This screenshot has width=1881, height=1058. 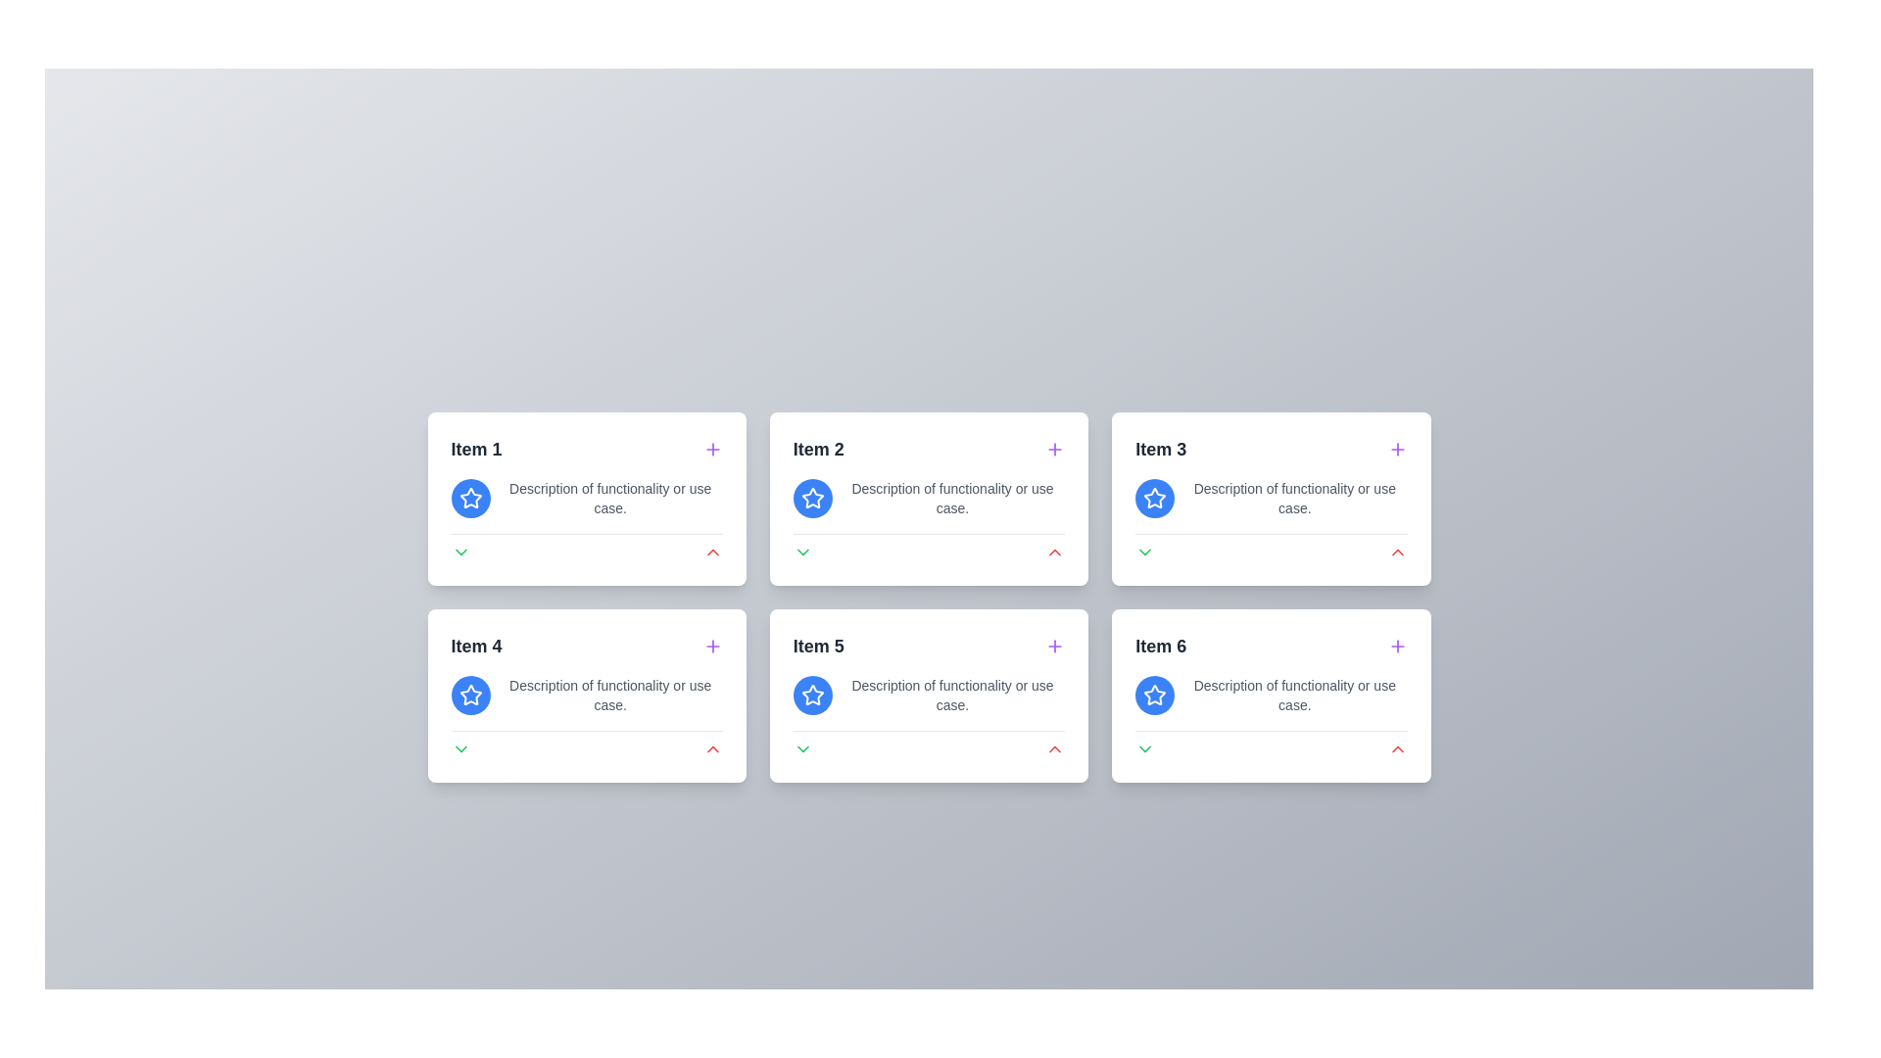 I want to click on the text component that reads 'Description of functionality or use case.' located in the top-left card labeled 'Item 1' within the grid layout, so click(x=609, y=498).